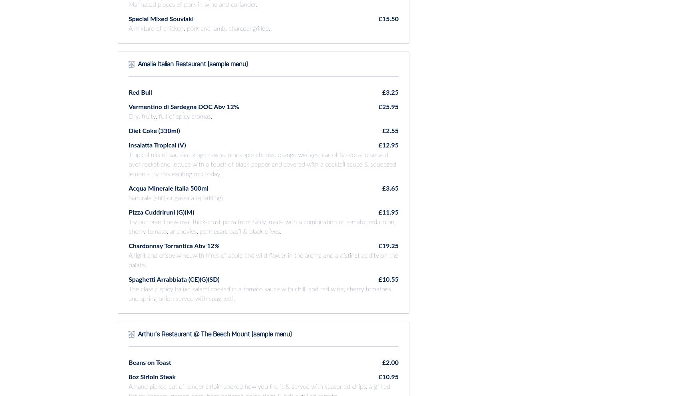 Image resolution: width=679 pixels, height=396 pixels. What do you see at coordinates (388, 376) in the screenshot?
I see `'£10.95'` at bounding box center [388, 376].